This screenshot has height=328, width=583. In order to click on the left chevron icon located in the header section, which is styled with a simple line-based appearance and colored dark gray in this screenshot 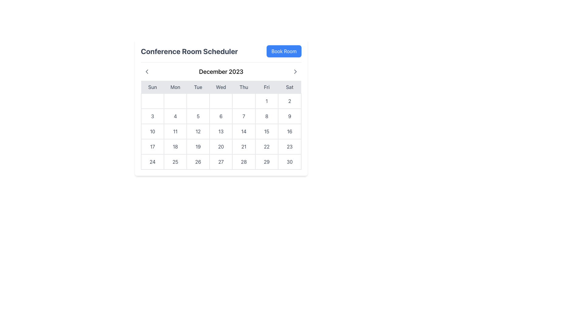, I will do `click(147, 71)`.